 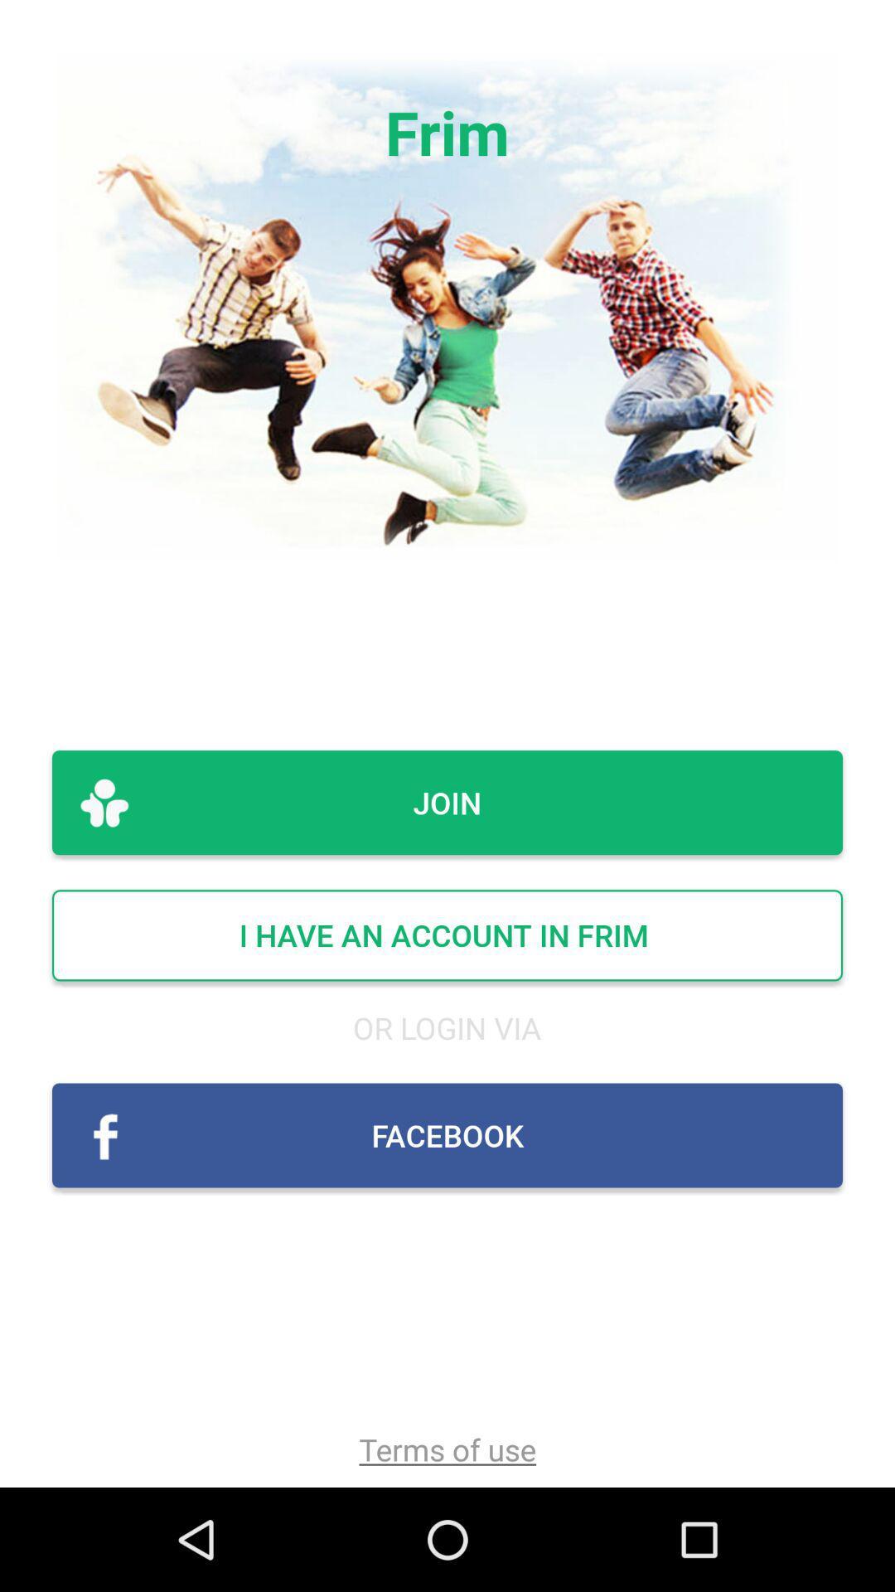 What do you see at coordinates (447, 1134) in the screenshot?
I see `facebook` at bounding box center [447, 1134].